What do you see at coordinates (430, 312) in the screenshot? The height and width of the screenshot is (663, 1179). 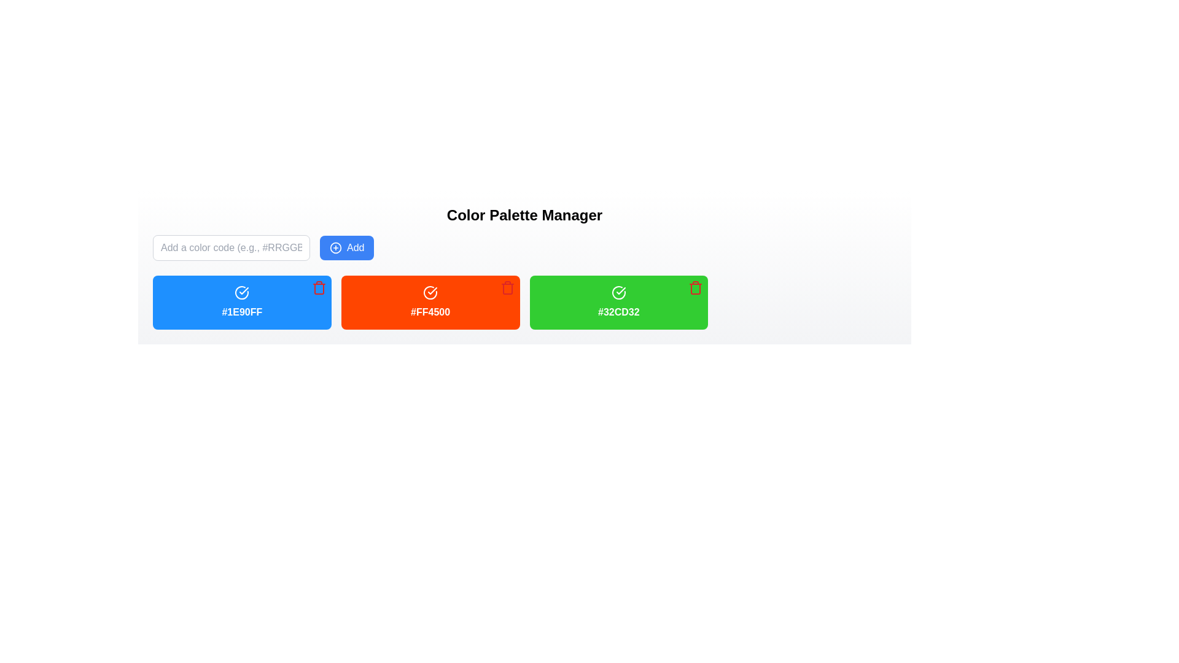 I see `text displayed in the Text Label that shows the hexadecimal color code for the associated color block located in the middle color block of the color palette` at bounding box center [430, 312].